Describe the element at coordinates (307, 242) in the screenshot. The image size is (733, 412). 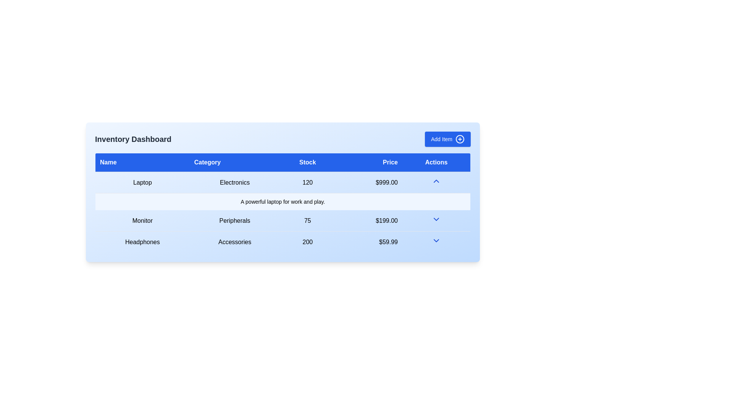
I see `the non-interactive text display element that shows the stock level for 'Headphones', located in the 'Stock' column of the last row of the table` at that location.